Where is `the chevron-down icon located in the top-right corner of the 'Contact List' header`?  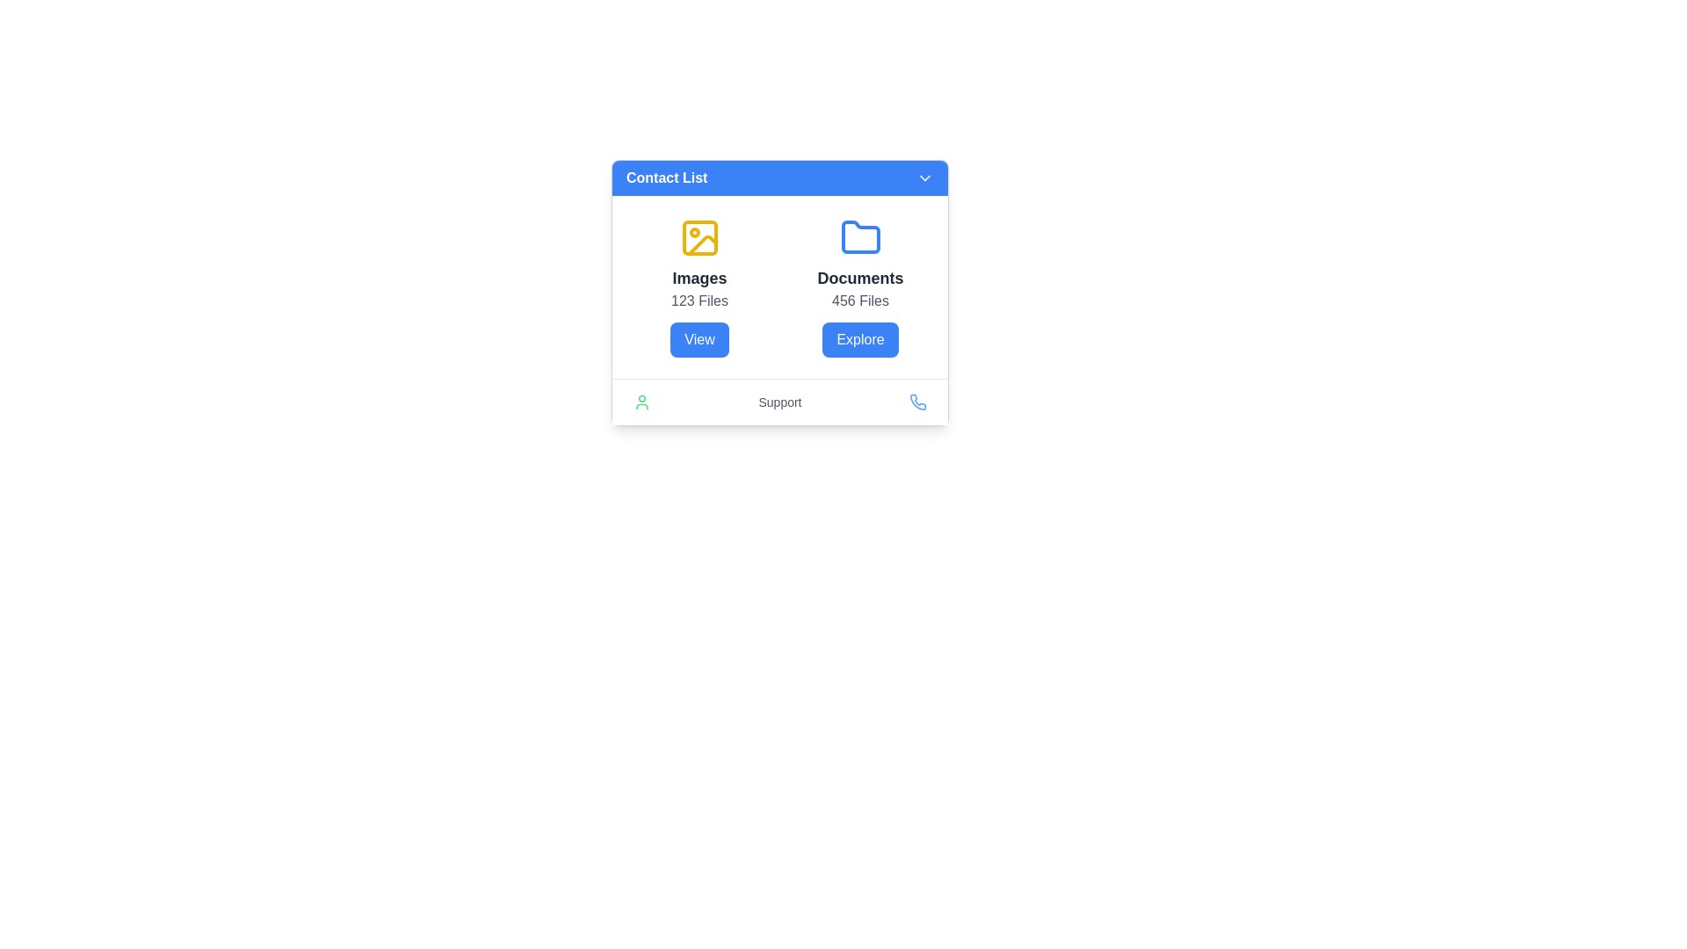 the chevron-down icon located in the top-right corner of the 'Contact List' header is located at coordinates (923, 178).